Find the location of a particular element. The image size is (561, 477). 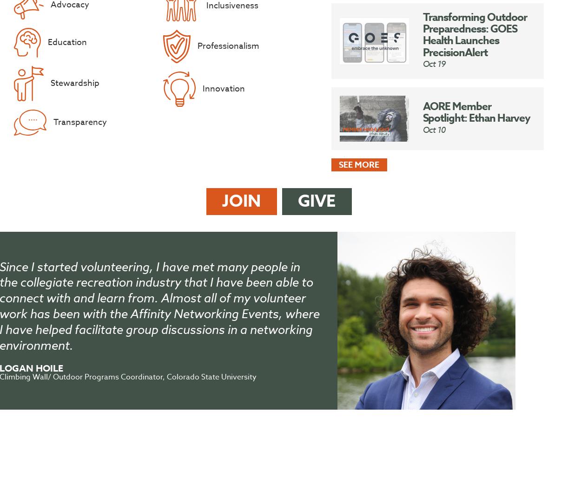

'Oct            19' is located at coordinates (433, 63).